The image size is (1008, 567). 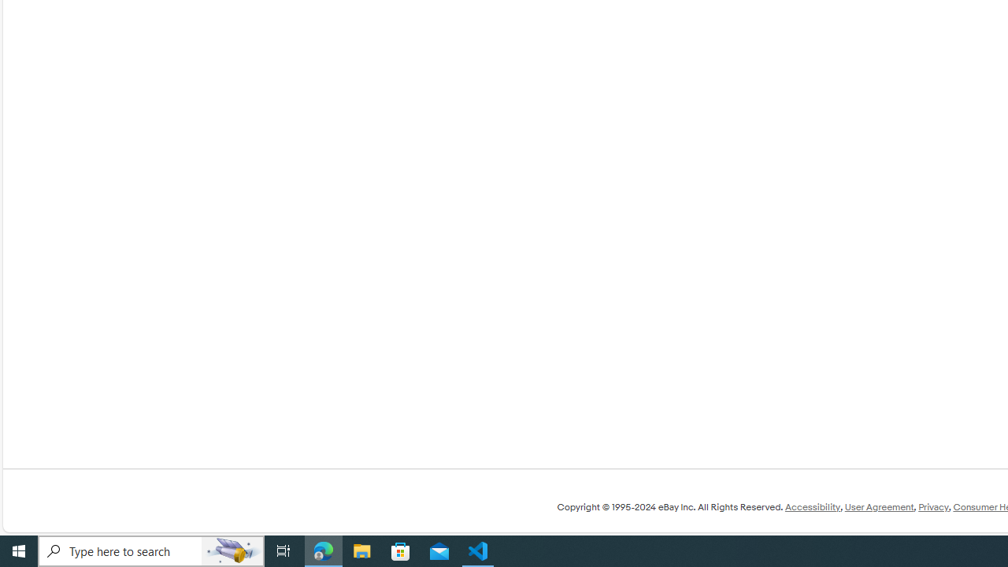 What do you see at coordinates (933, 507) in the screenshot?
I see `'Privacy'` at bounding box center [933, 507].